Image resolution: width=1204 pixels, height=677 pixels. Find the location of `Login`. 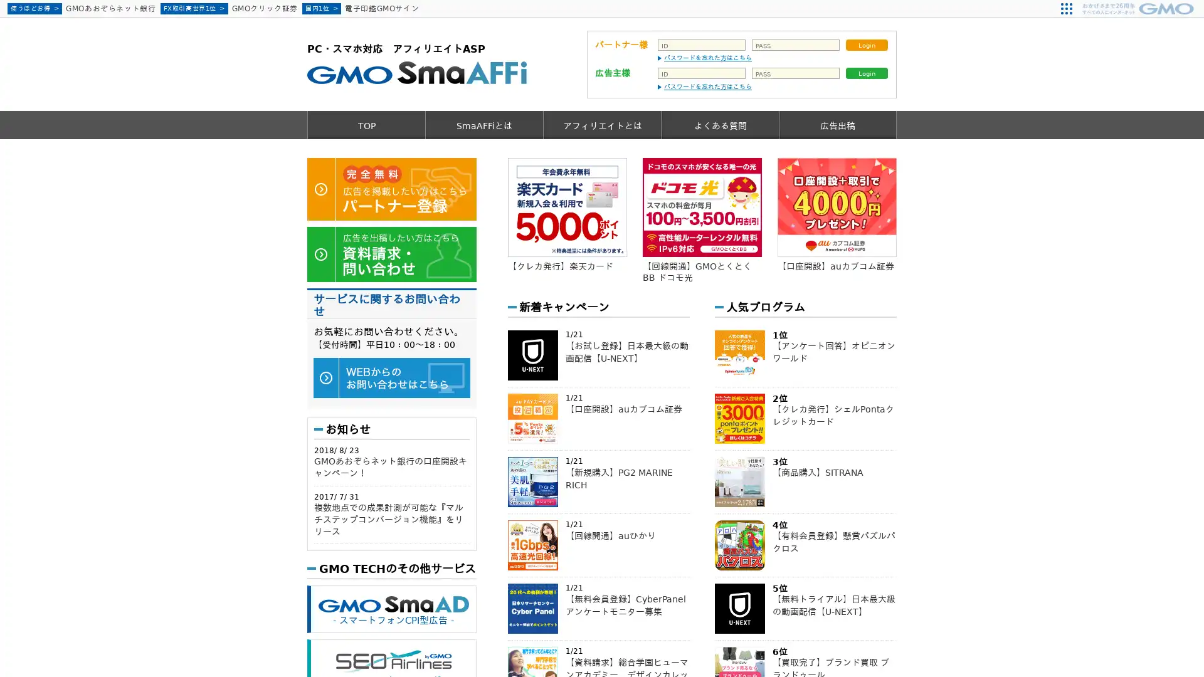

Login is located at coordinates (866, 45).